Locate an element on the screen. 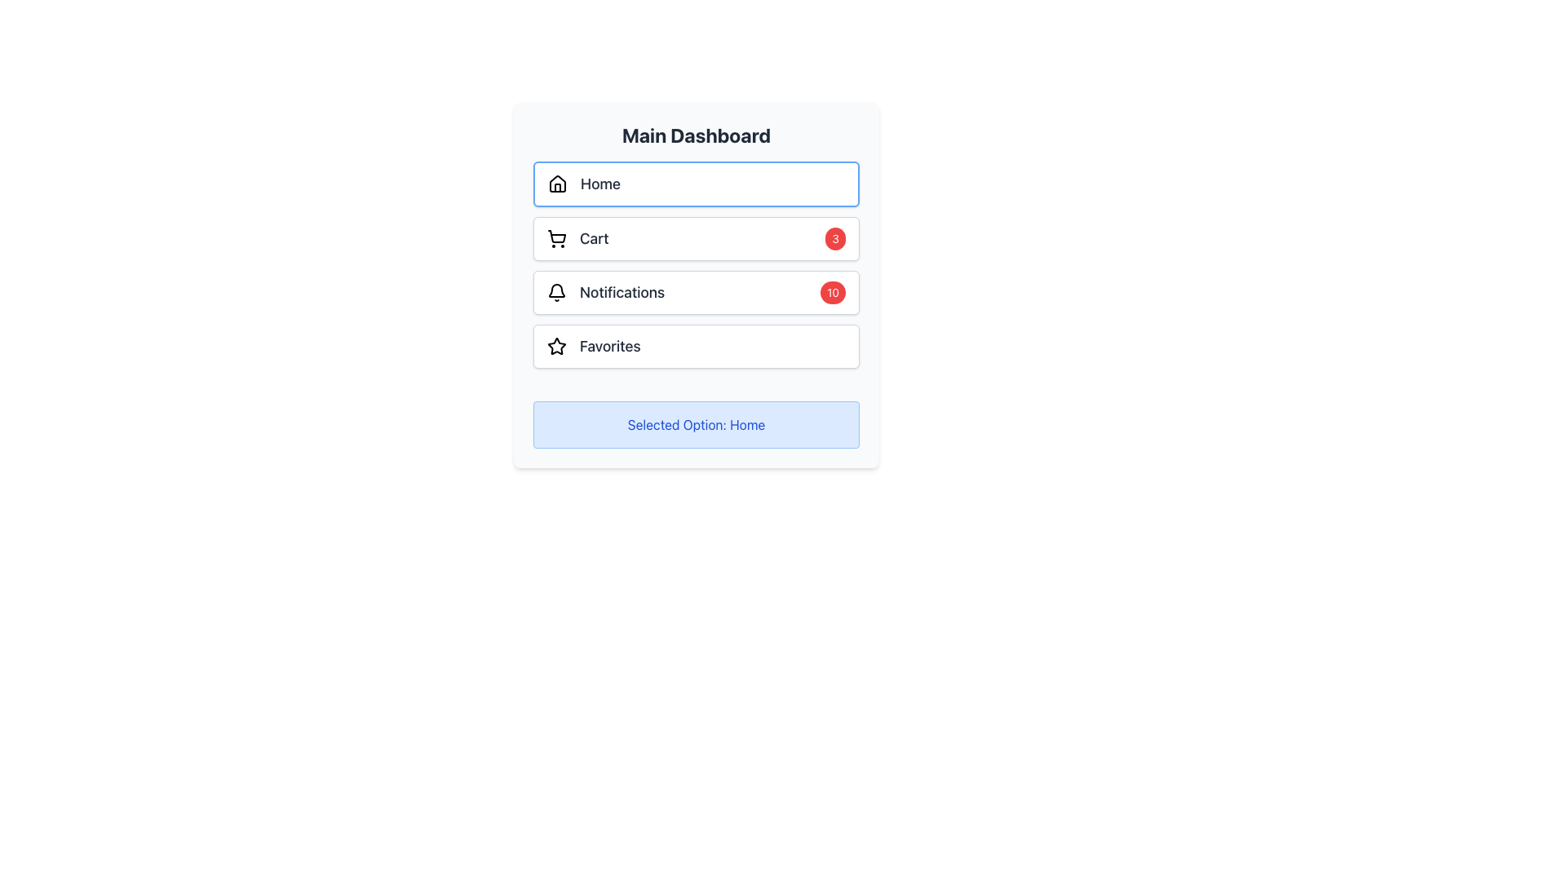 This screenshot has width=1566, height=881. displayed text from the Text Label indicating the currently selected option 'Home' located under the 'Main Dashboard' heading and below the 'Favorites' section is located at coordinates (697, 423).